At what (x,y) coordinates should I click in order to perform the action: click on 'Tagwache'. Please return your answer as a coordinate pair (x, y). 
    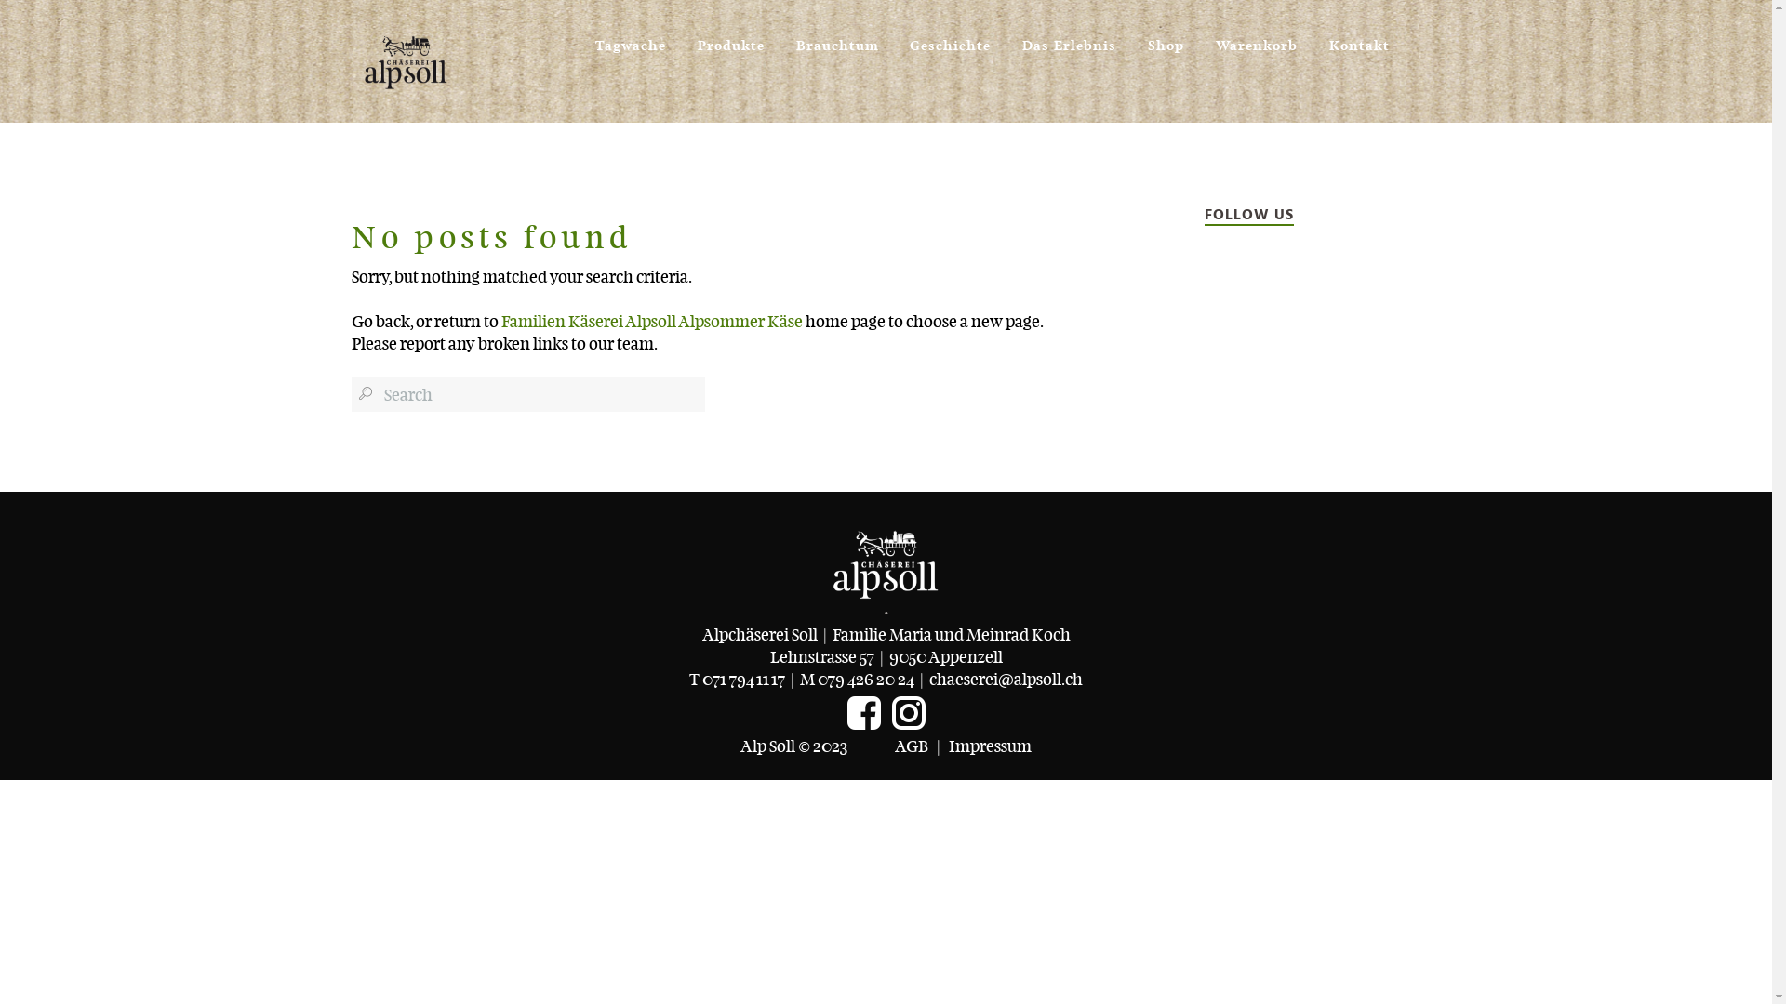
    Looking at the image, I should click on (630, 37).